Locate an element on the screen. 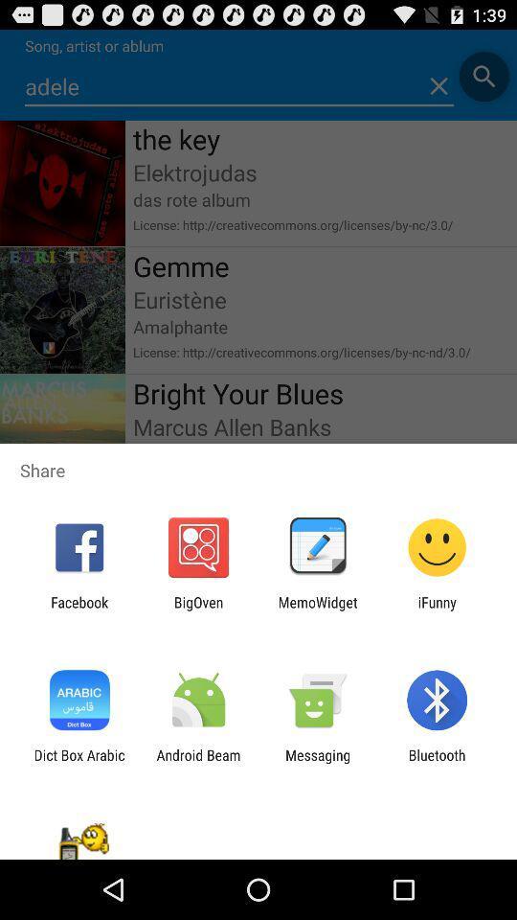 This screenshot has height=920, width=517. the app to the left of messaging app is located at coordinates (197, 763).